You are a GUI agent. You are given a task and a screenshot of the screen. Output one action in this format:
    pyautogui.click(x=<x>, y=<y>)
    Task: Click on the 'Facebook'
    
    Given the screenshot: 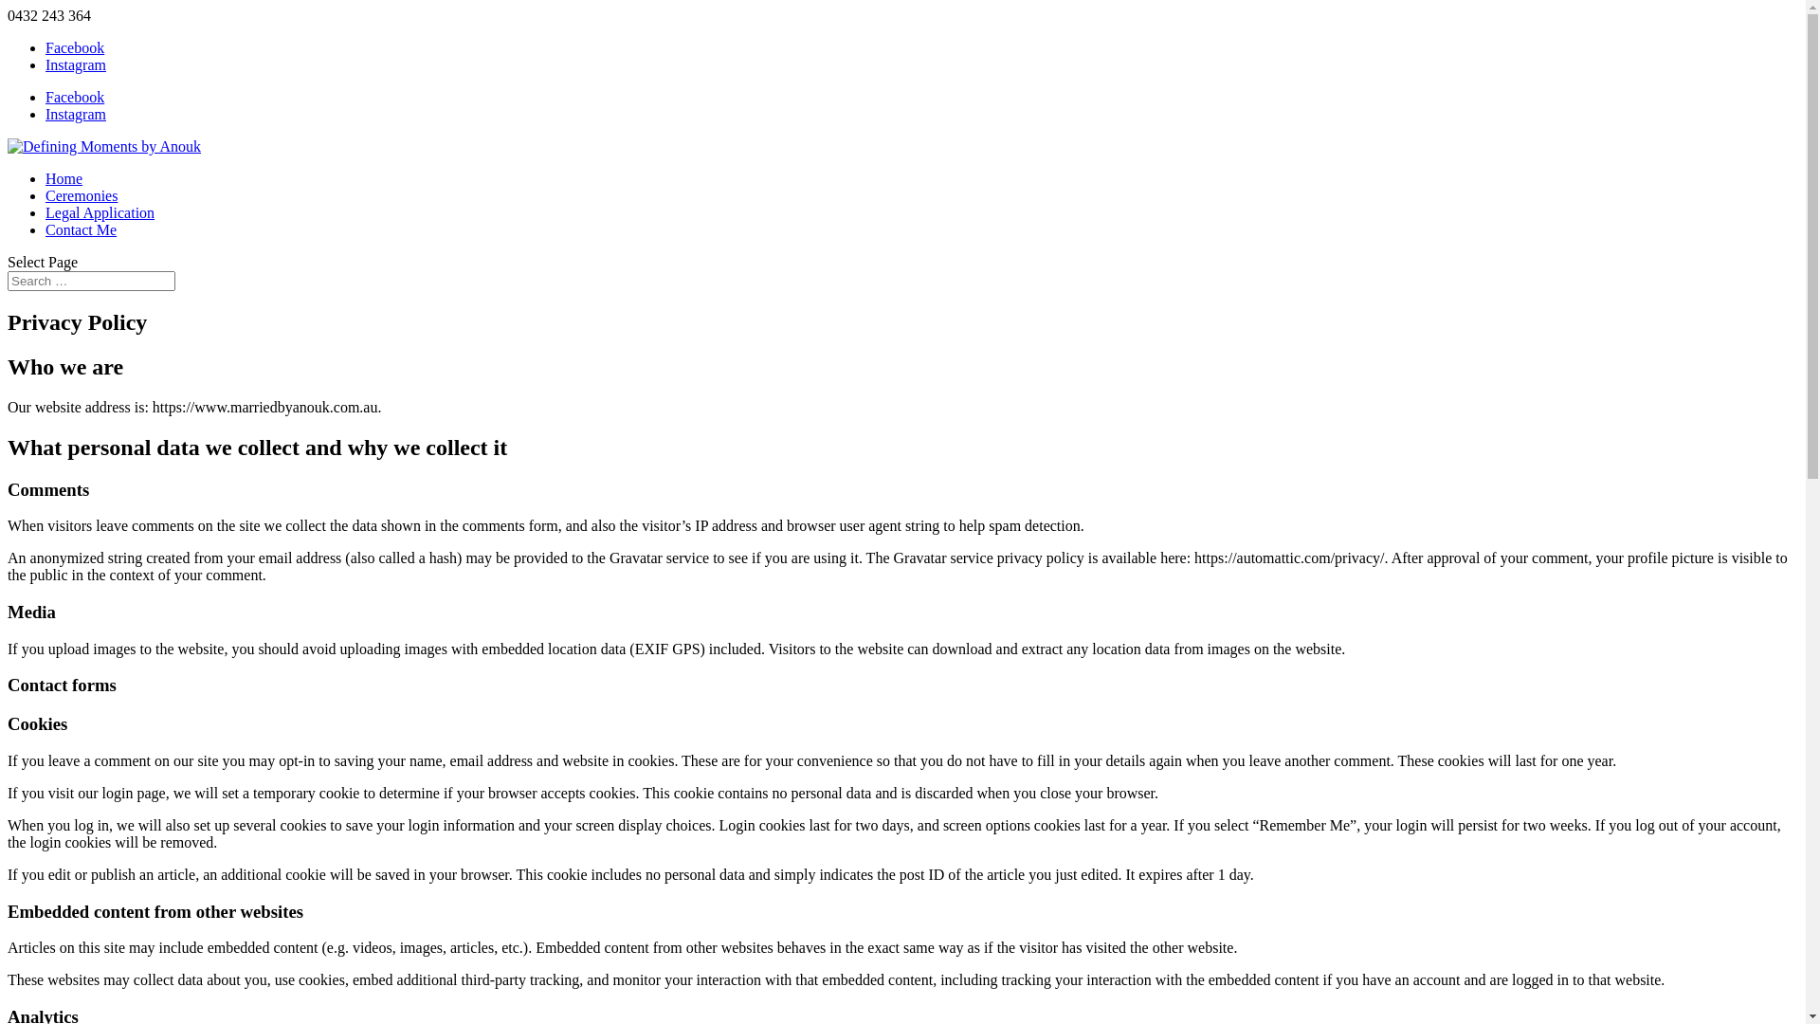 What is the action you would take?
    pyautogui.click(x=74, y=97)
    